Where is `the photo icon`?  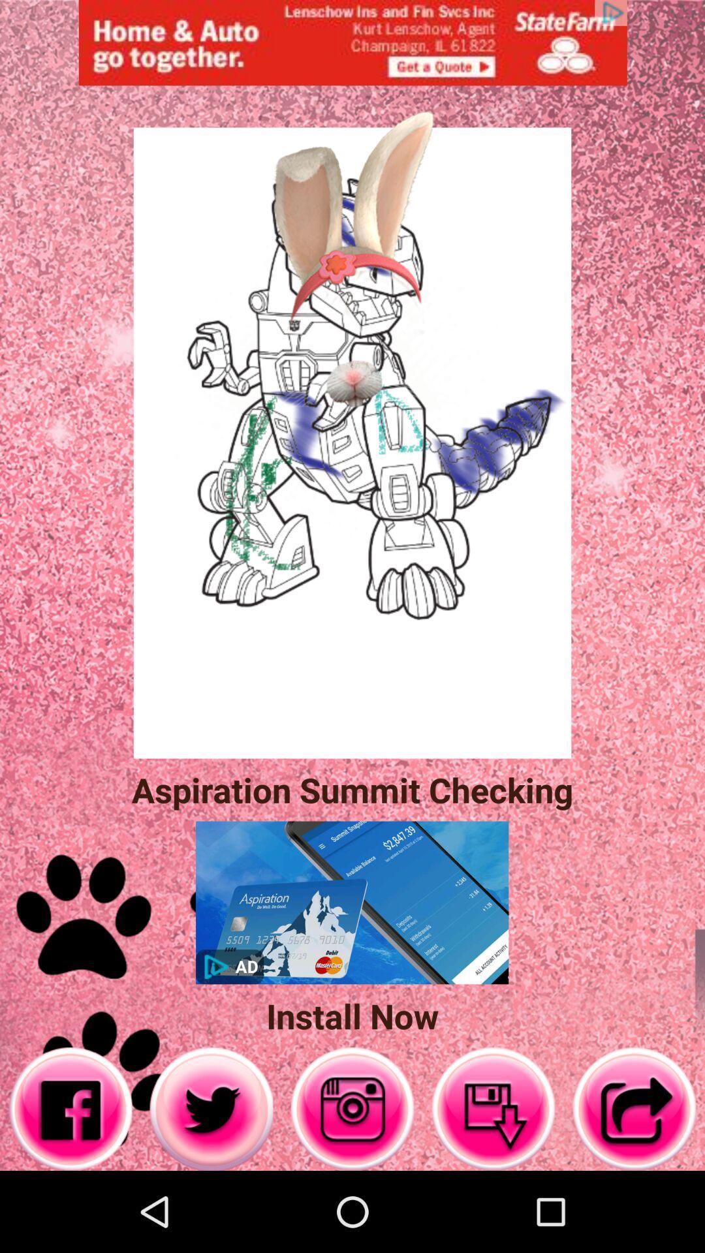 the photo icon is located at coordinates (352, 1186).